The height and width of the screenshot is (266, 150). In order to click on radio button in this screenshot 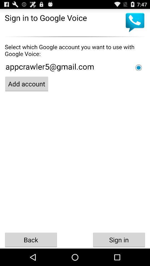, I will do `click(138, 67)`.